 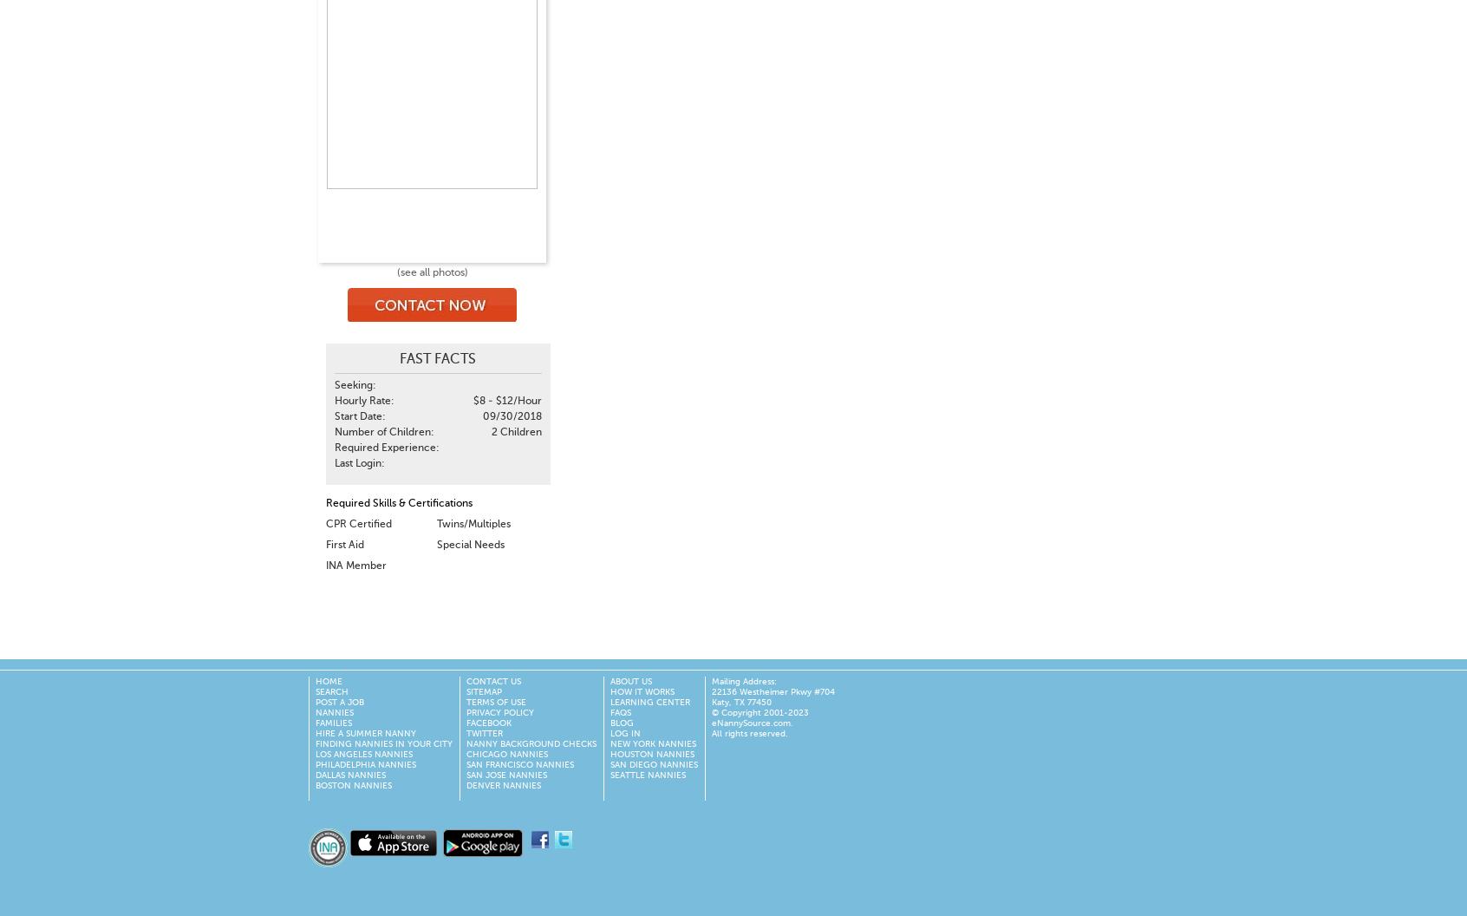 I want to click on 'Search', so click(x=332, y=692).